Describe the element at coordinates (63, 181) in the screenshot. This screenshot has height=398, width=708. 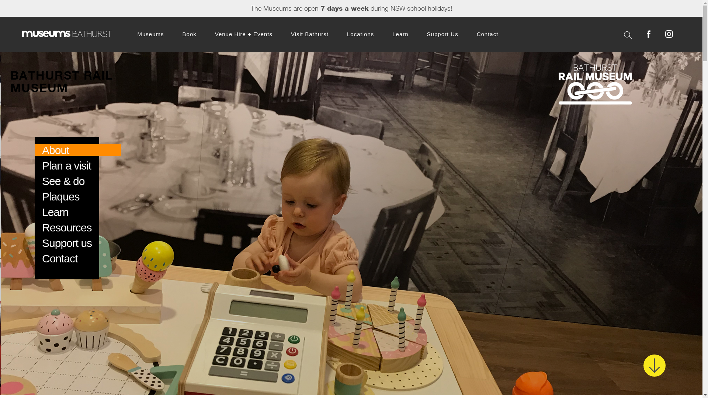
I see `'See & do'` at that location.